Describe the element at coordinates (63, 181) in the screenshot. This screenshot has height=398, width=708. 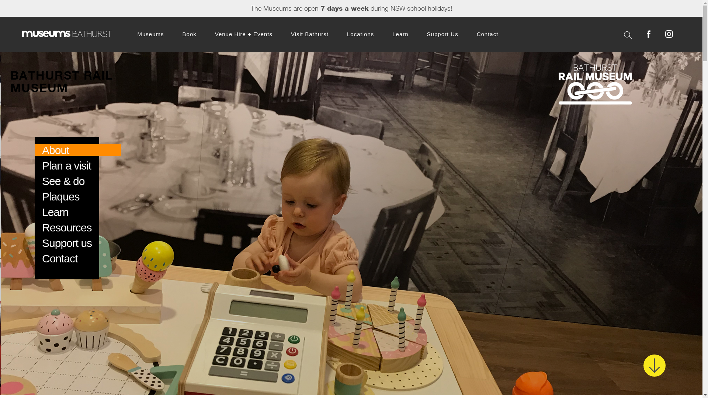
I see `'See & do'` at that location.